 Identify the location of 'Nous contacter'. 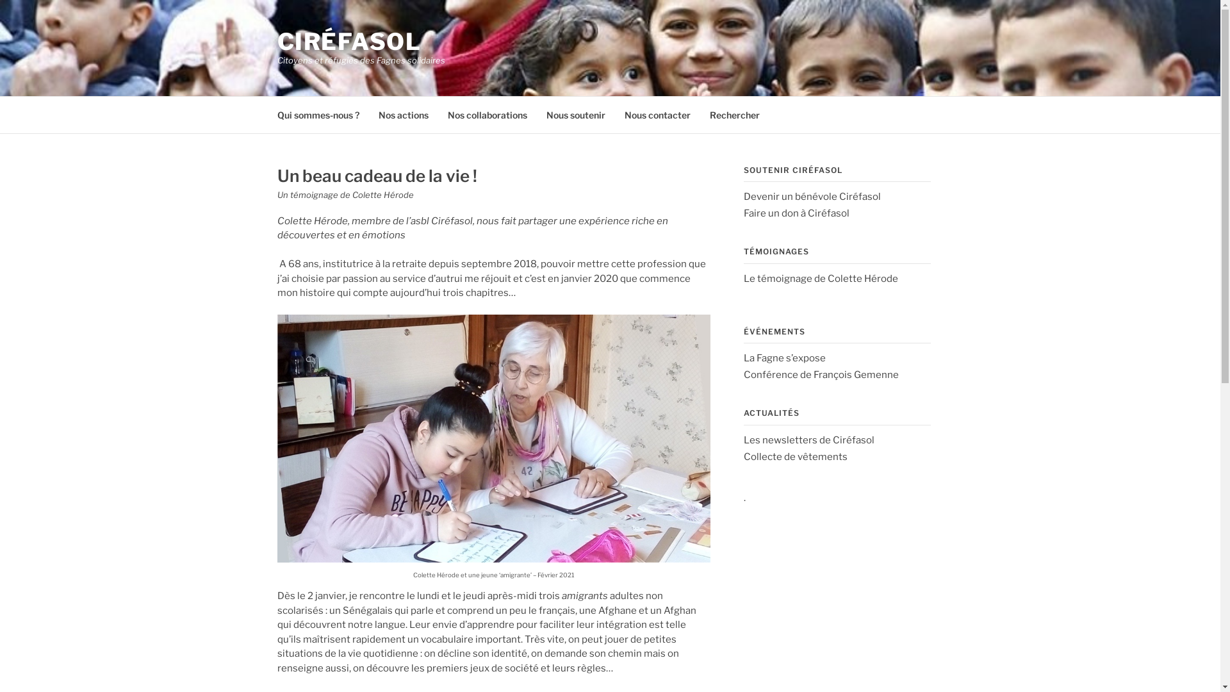
(657, 113).